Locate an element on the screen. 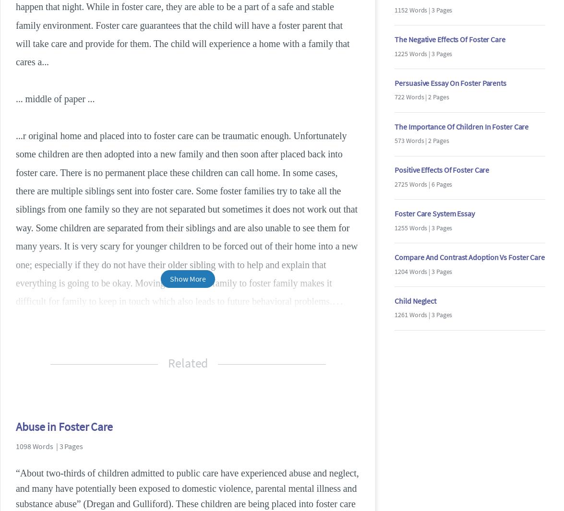 The image size is (564, 511). '1261 Words | 3 Pages' is located at coordinates (422, 315).